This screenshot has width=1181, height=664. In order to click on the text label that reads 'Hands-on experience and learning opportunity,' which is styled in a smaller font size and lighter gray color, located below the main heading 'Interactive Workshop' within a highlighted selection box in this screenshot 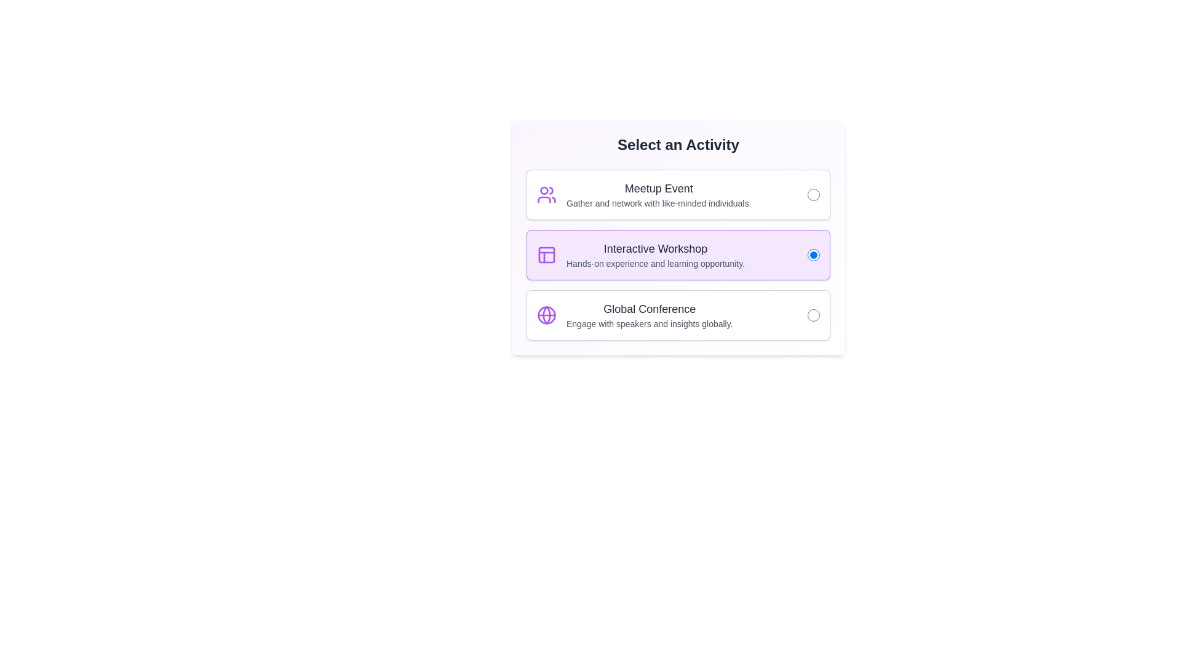, I will do `click(654, 263)`.